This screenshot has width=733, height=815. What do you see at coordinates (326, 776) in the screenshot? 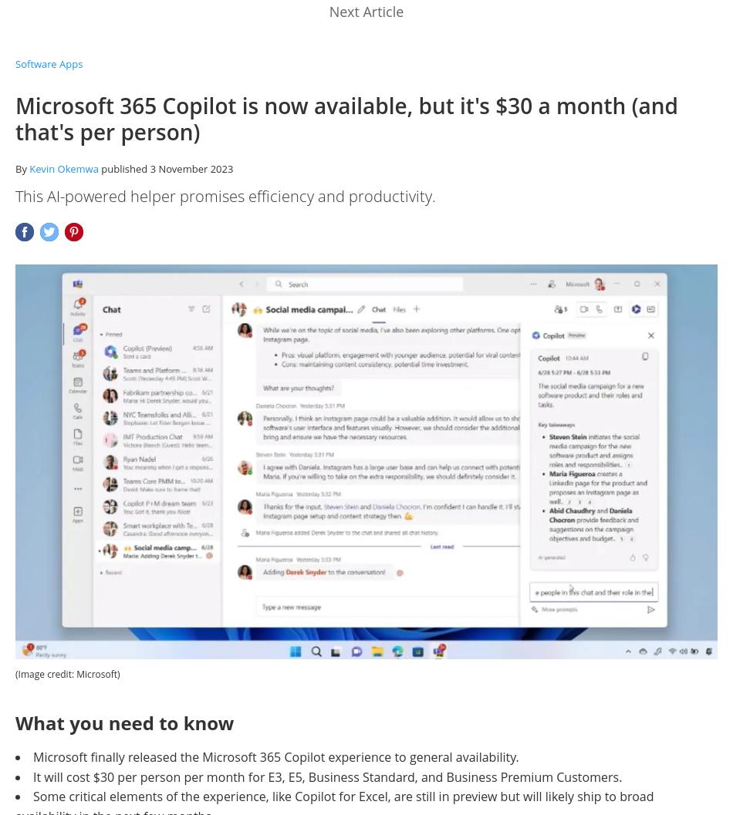
I see `'It will cost $30 per person per month for E3, E5, Business Standard, and Business Premium Customers.'` at bounding box center [326, 776].